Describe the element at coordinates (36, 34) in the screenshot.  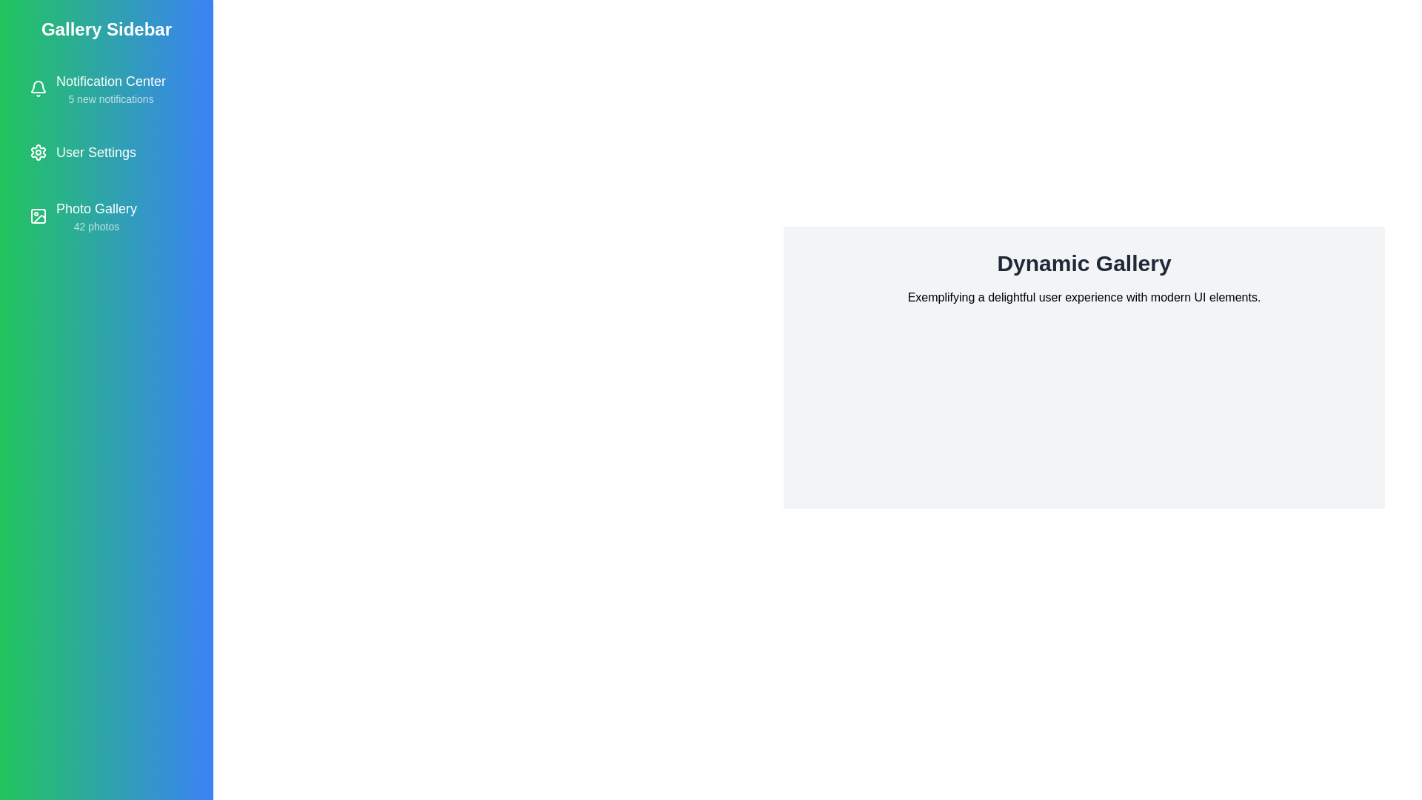
I see `the toggle button located at the top-left corner of the screen to toggle the sidebar visibility` at that location.